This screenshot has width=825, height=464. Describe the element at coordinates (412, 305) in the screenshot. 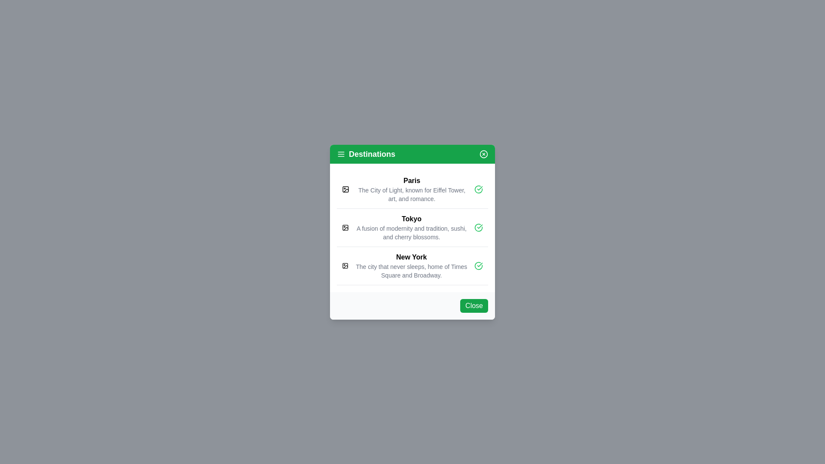

I see `the 'Close' button with a green background located in the bottom-right corner of the modal` at that location.